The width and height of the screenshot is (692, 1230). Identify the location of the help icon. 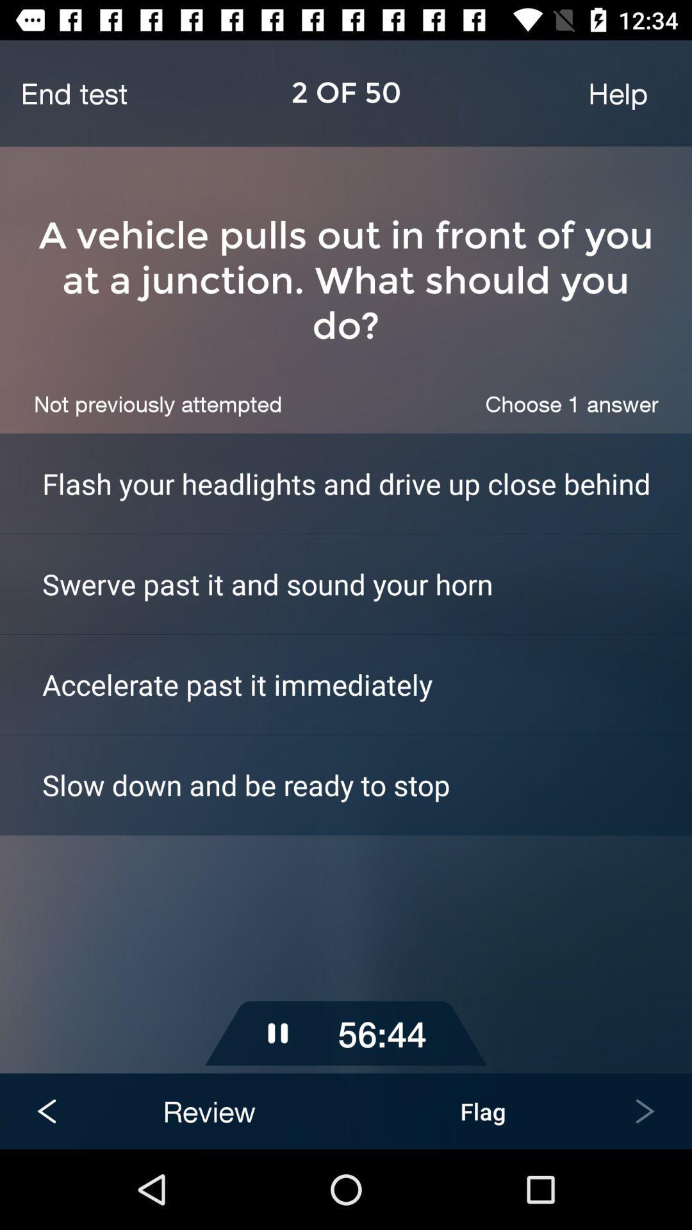
(617, 92).